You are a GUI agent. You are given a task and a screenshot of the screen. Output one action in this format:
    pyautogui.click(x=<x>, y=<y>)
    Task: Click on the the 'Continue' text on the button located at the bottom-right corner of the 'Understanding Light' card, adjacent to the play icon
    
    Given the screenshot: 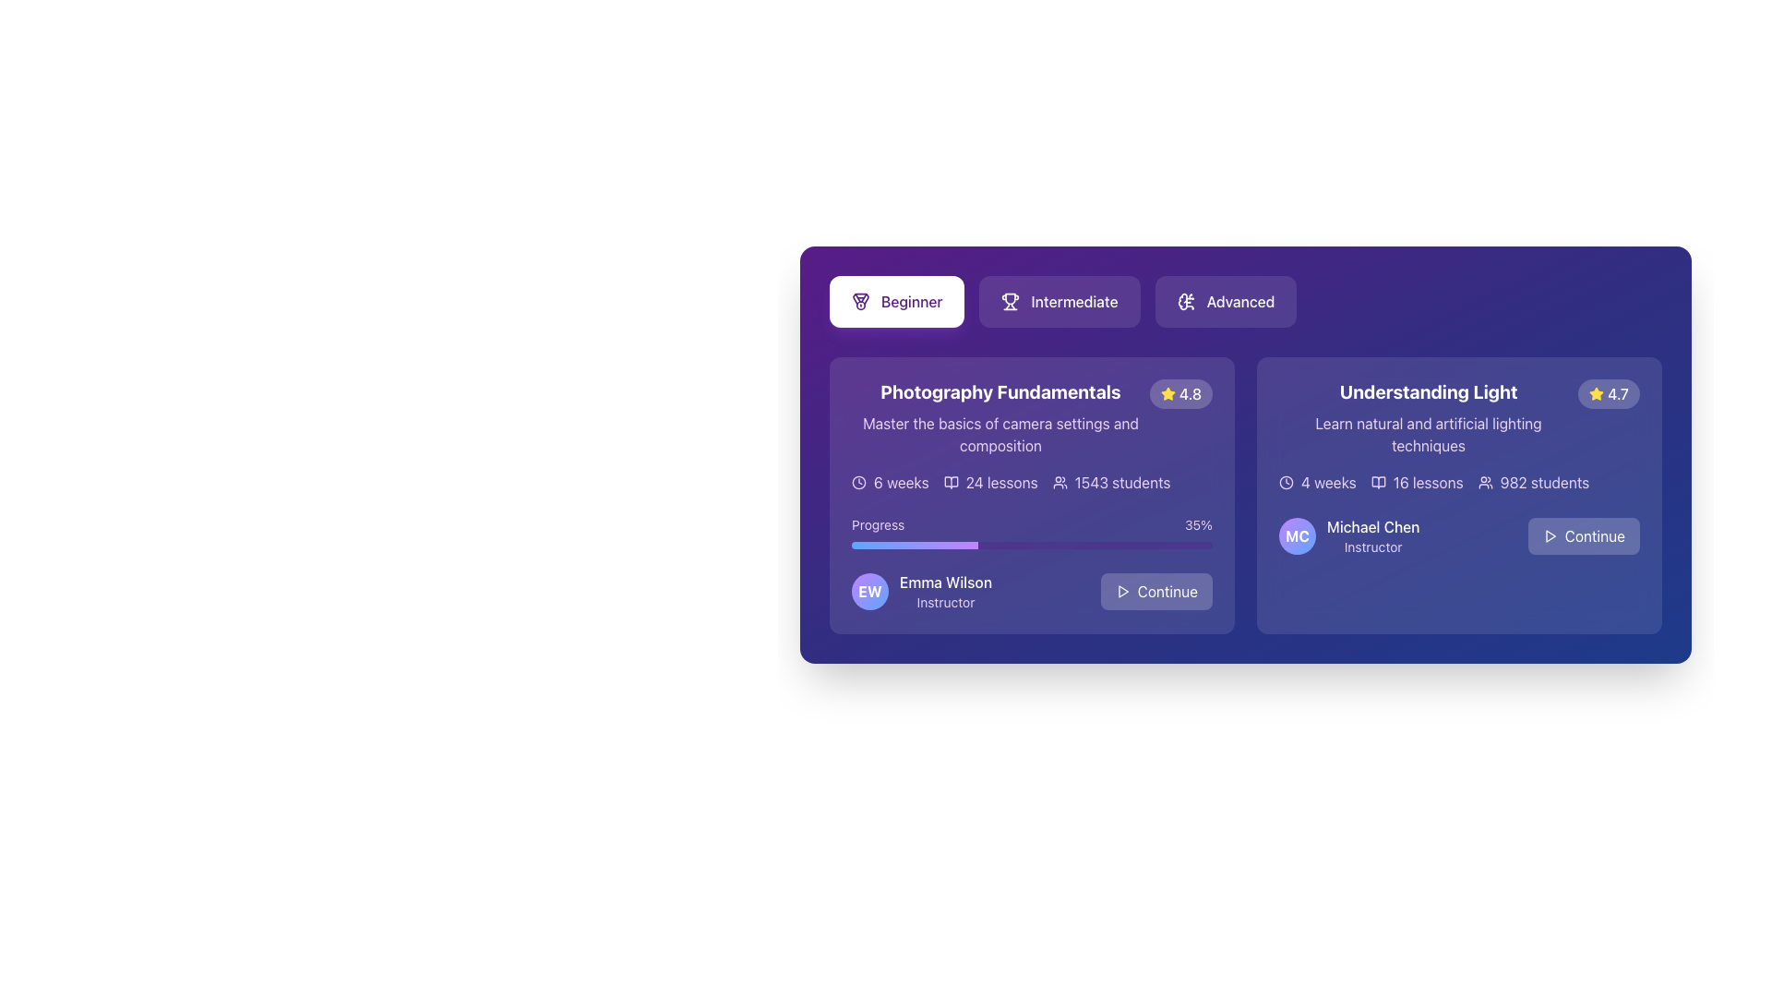 What is the action you would take?
    pyautogui.click(x=1594, y=536)
    